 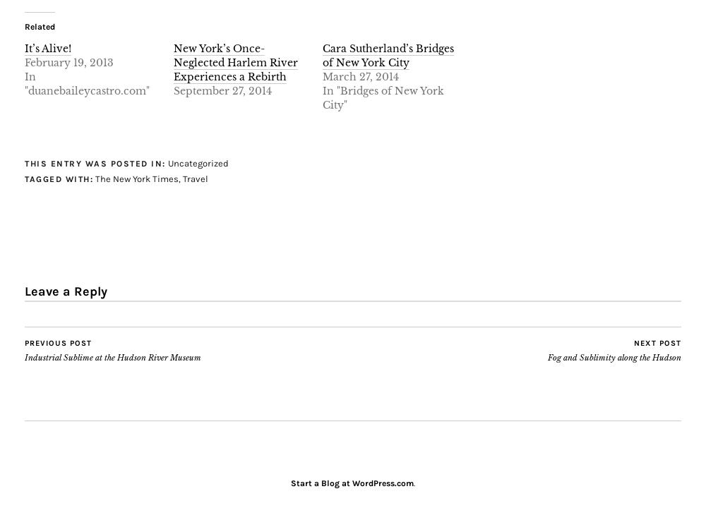 What do you see at coordinates (414, 482) in the screenshot?
I see `'.'` at bounding box center [414, 482].